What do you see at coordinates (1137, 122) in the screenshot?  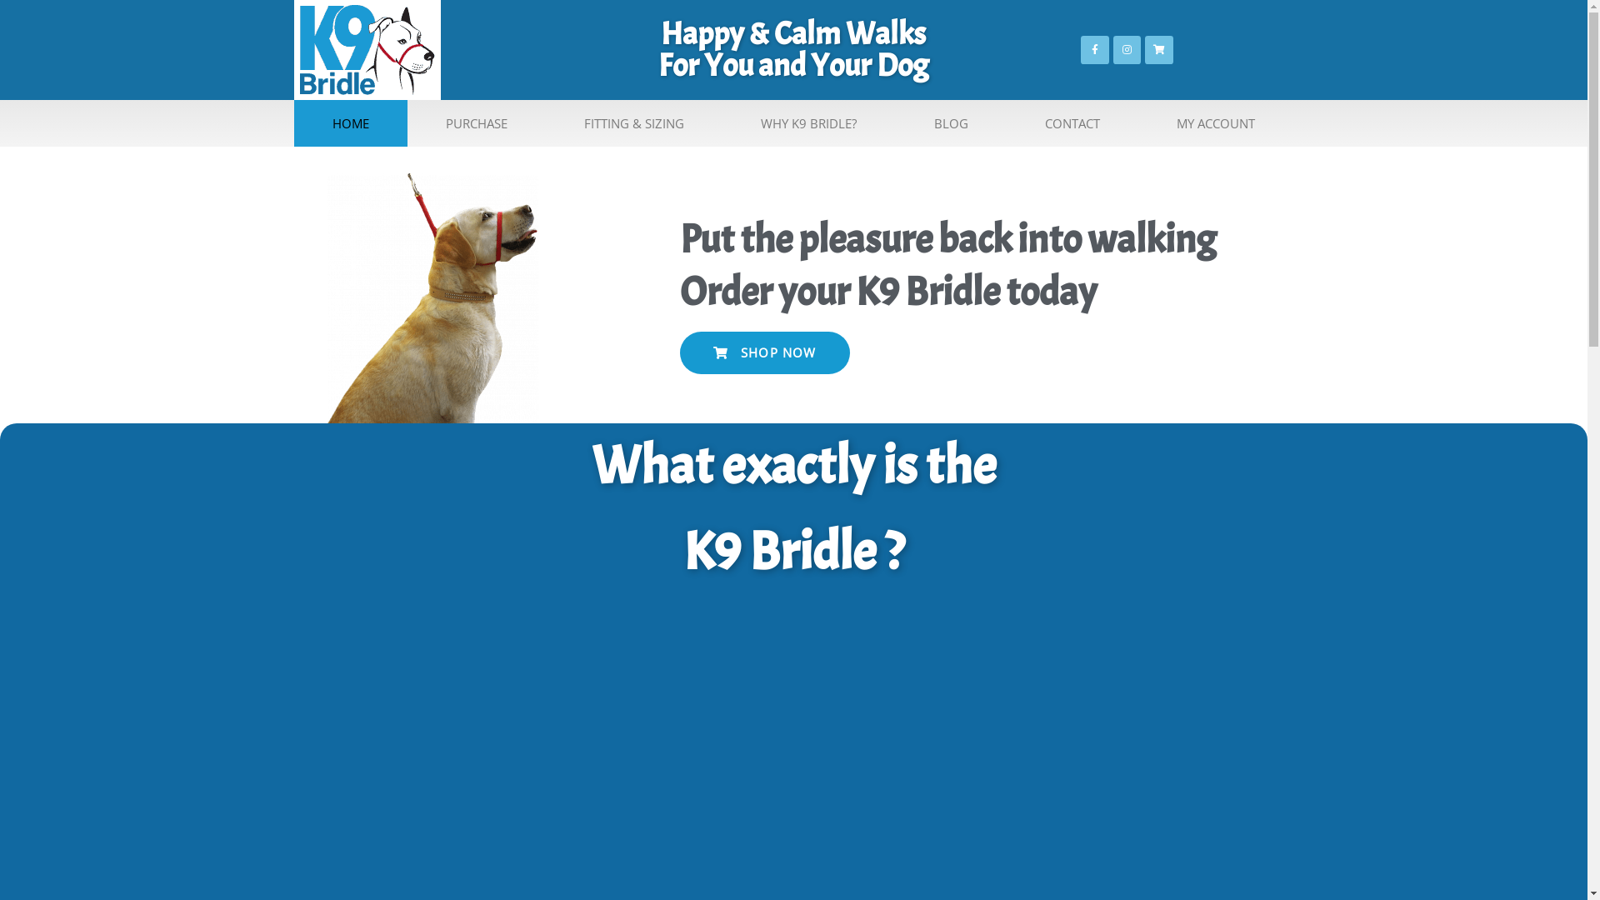 I see `'MY ACCOUNT'` at bounding box center [1137, 122].